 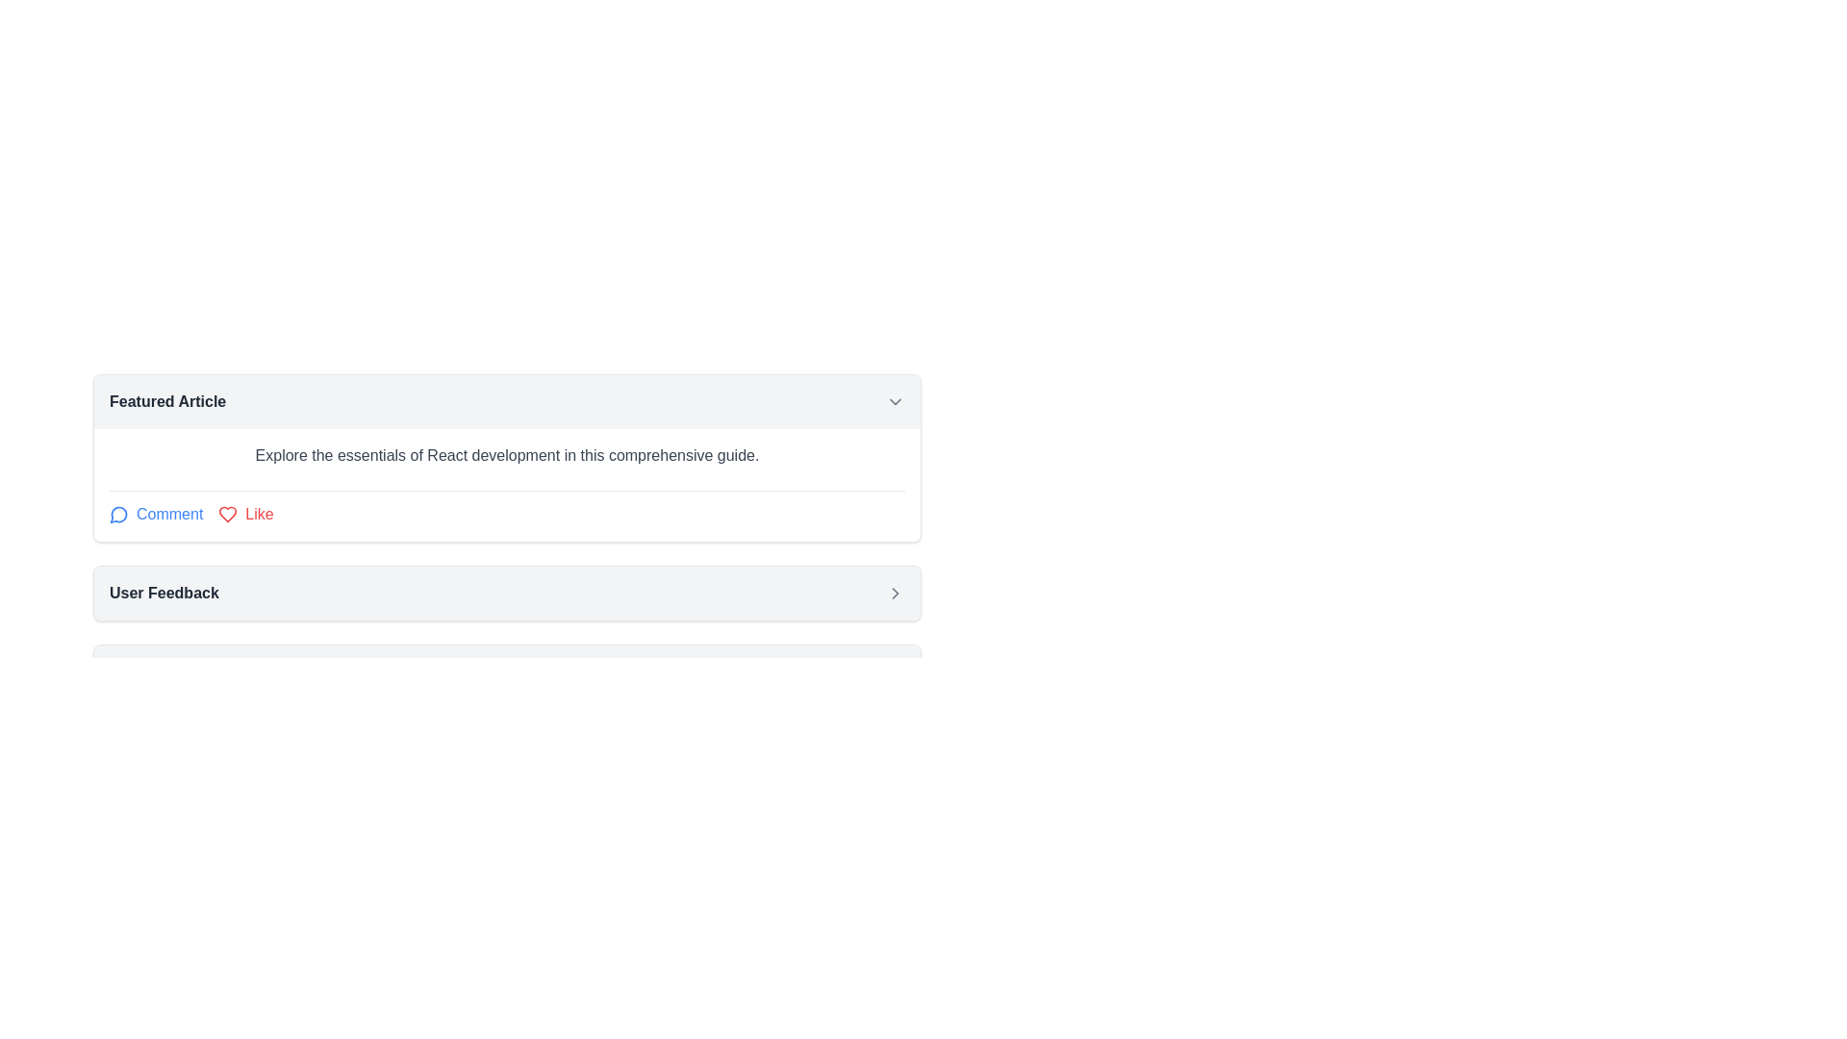 What do you see at coordinates (507, 456) in the screenshot?
I see `descriptive text block located under the 'Featured Article' section, which serves as an introduction to the article content` at bounding box center [507, 456].